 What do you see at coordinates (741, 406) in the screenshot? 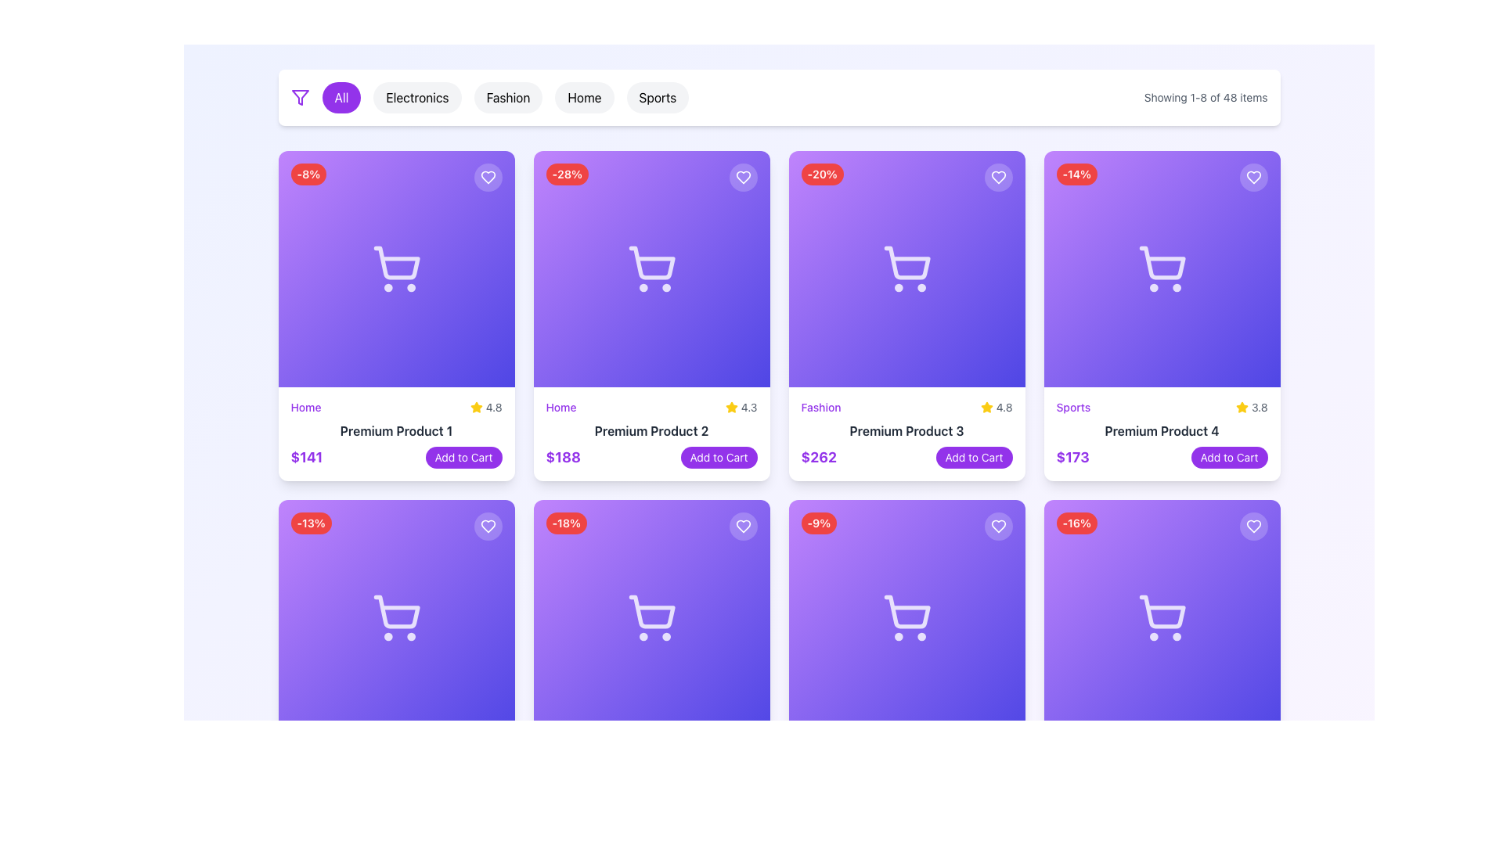
I see `text displayed in the small text label showing the number '4.3' in gray color, located in the second column of the top row of a product card, horizontally next to a star icon` at bounding box center [741, 406].